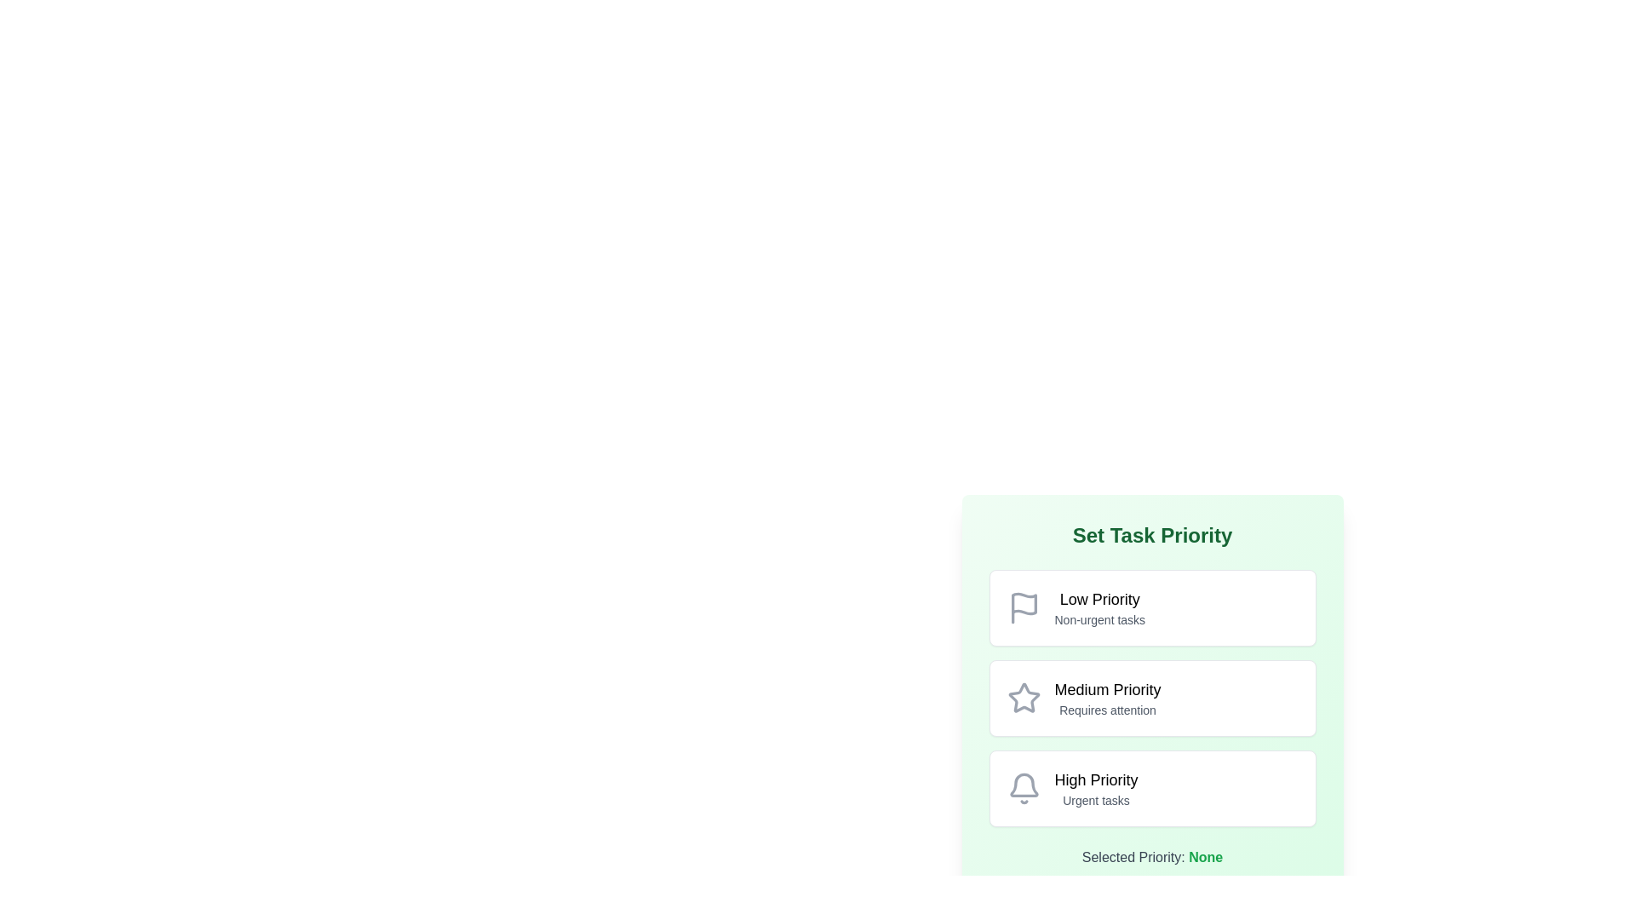  I want to click on the star icon representing 'Medium Priority' that is outlined in light gray and has a hollow center, so click(1023, 699).